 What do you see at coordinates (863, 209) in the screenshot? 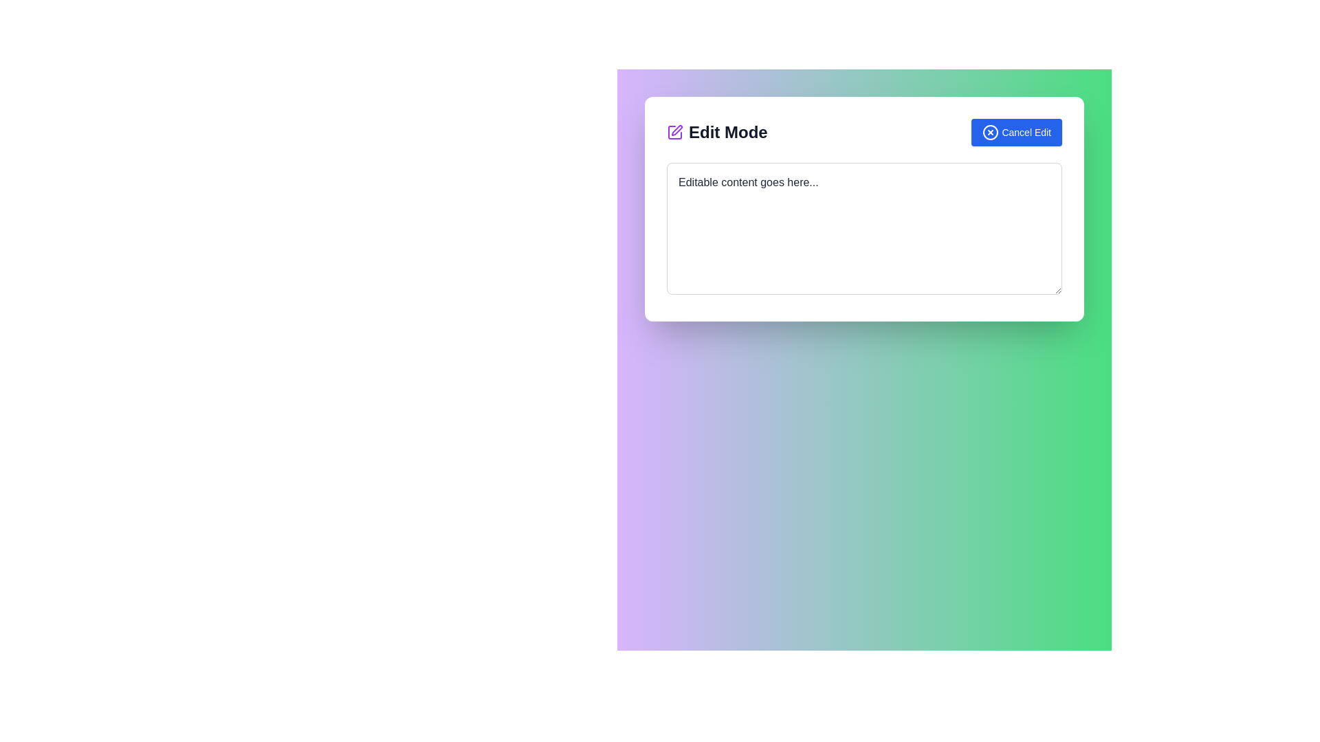
I see `the editing panel which allows users to edit content, located centrally in the interface with interactive elements` at bounding box center [863, 209].